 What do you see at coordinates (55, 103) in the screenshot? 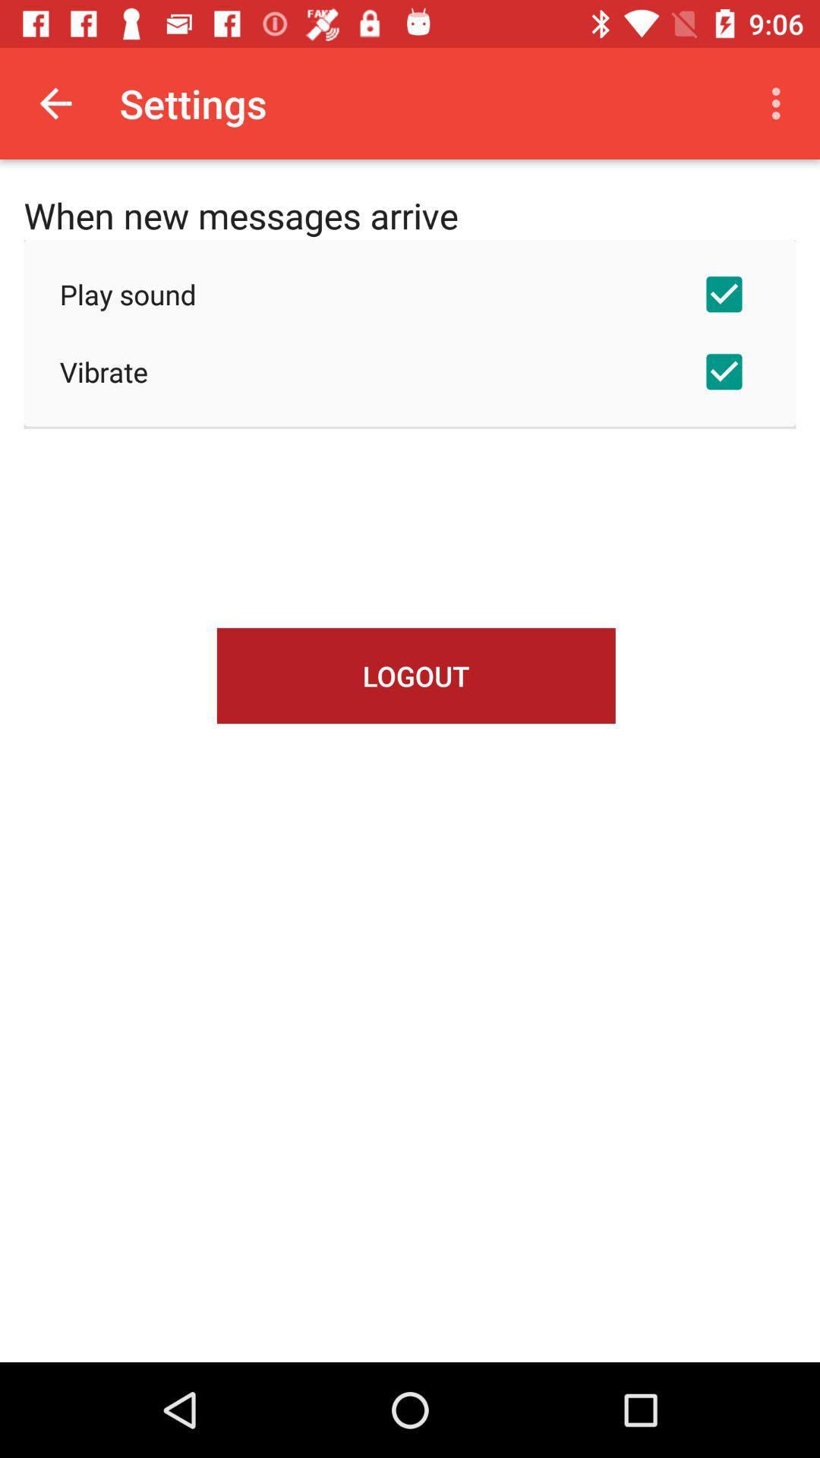
I see `the app next to the settings` at bounding box center [55, 103].